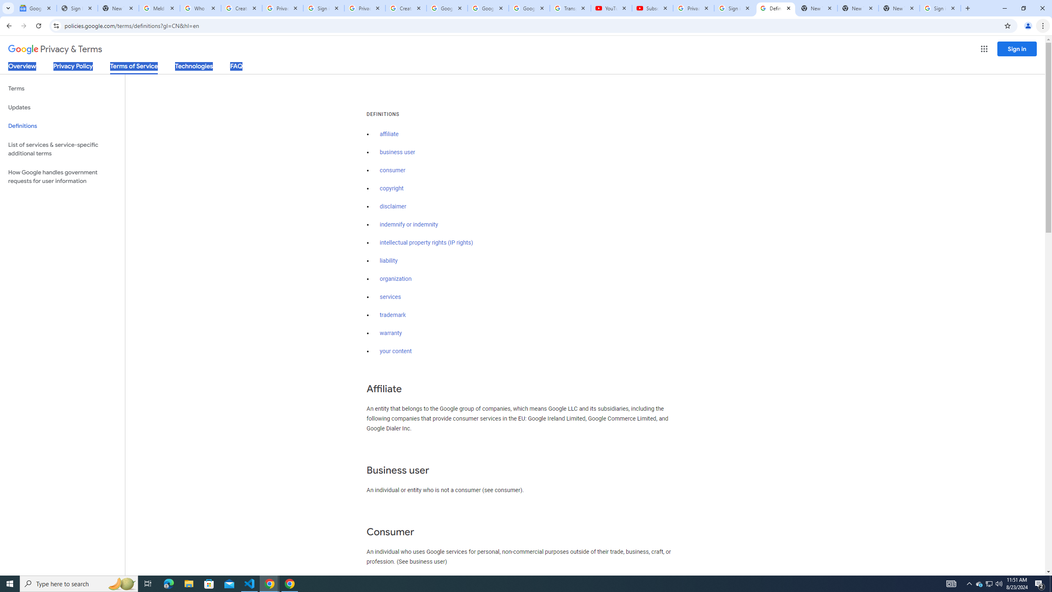  I want to click on 'trademark', so click(392, 314).